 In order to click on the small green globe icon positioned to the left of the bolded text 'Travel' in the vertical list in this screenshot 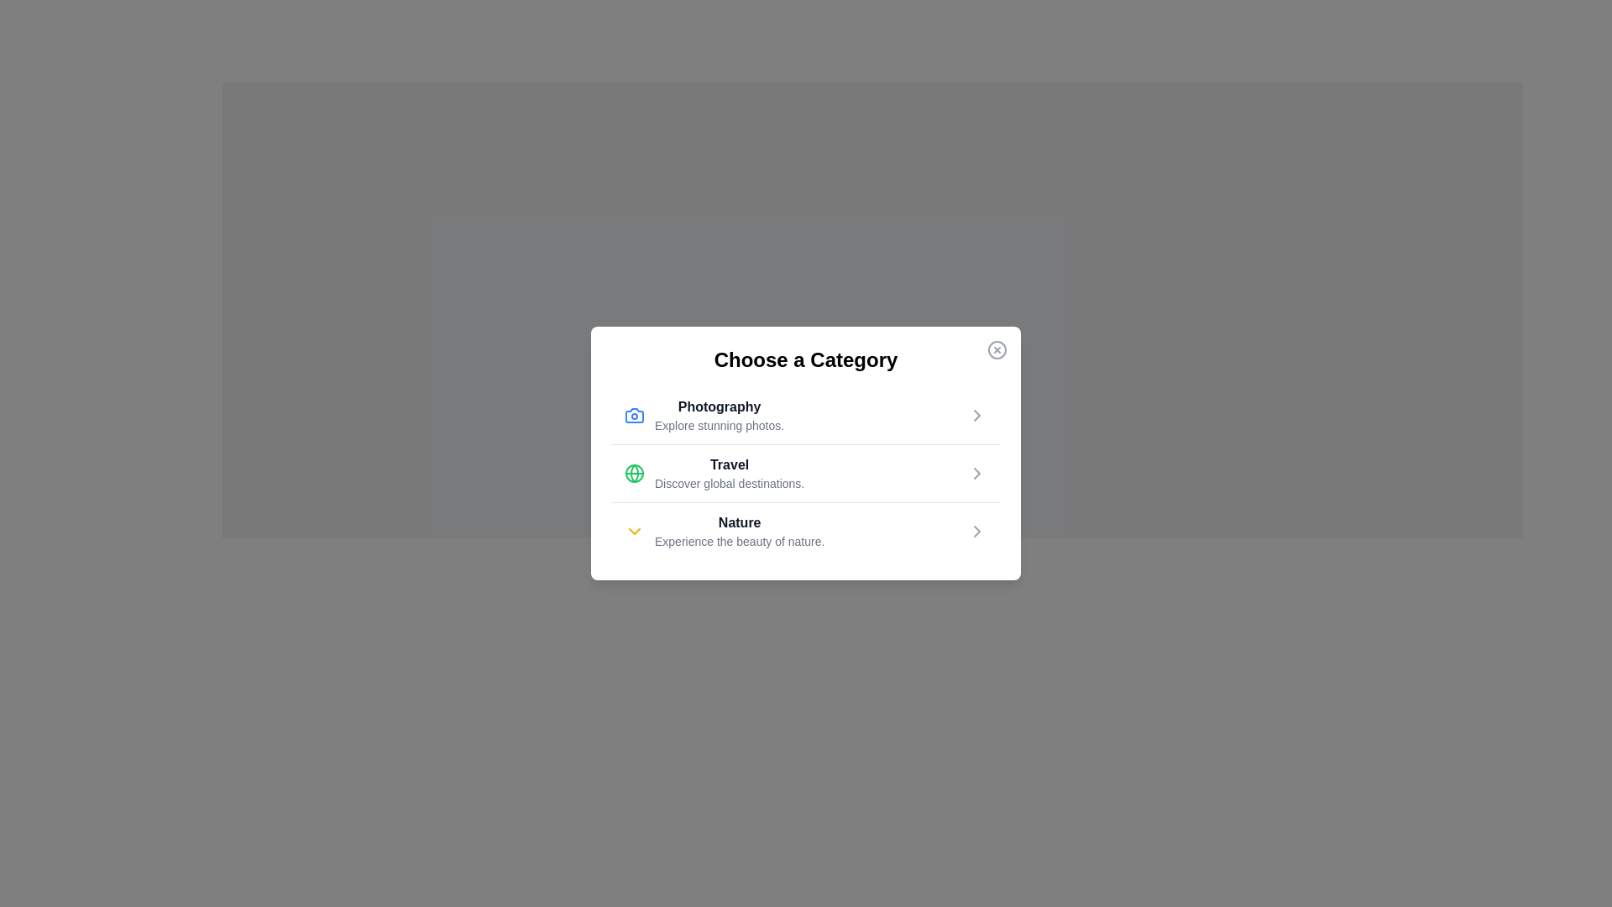, I will do `click(633, 473)`.